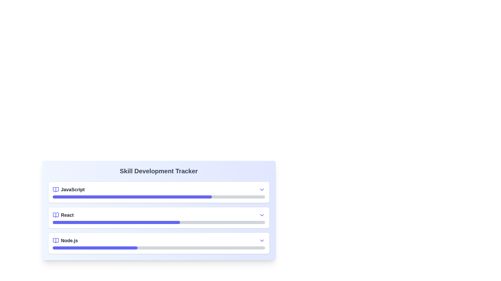  Describe the element at coordinates (56, 241) in the screenshot. I see `the indigo open book icon at the beginning of the 'Node.js' skill entry row in the skill tracker interface` at that location.